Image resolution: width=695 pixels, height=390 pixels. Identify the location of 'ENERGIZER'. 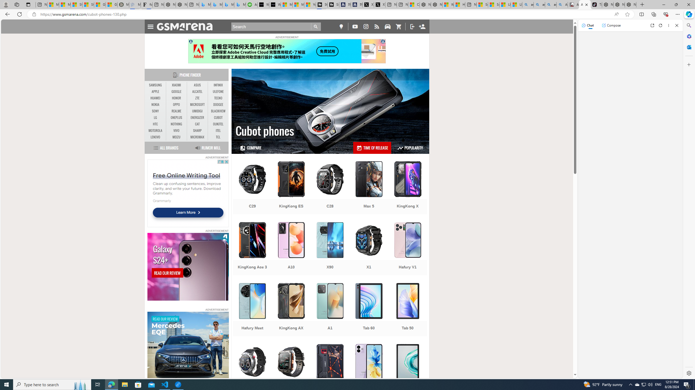
(197, 117).